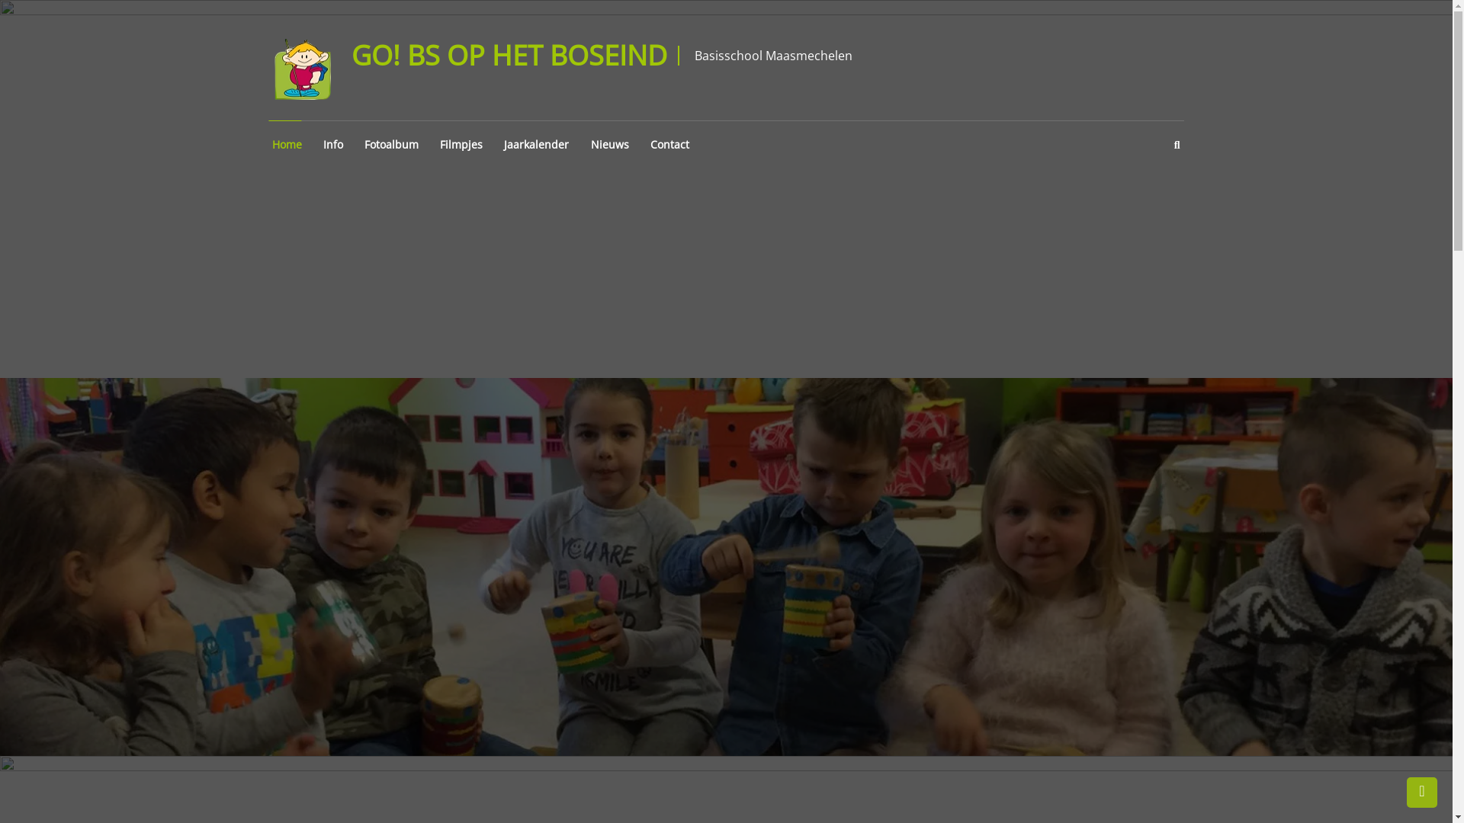  What do you see at coordinates (586, 144) in the screenshot?
I see `'Nieuws'` at bounding box center [586, 144].